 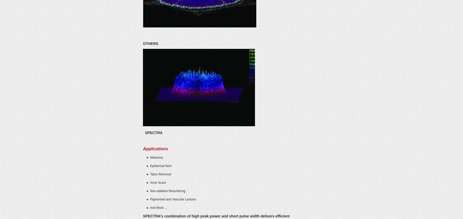 I want to click on '●  Epidermal Nevi', so click(x=157, y=166).